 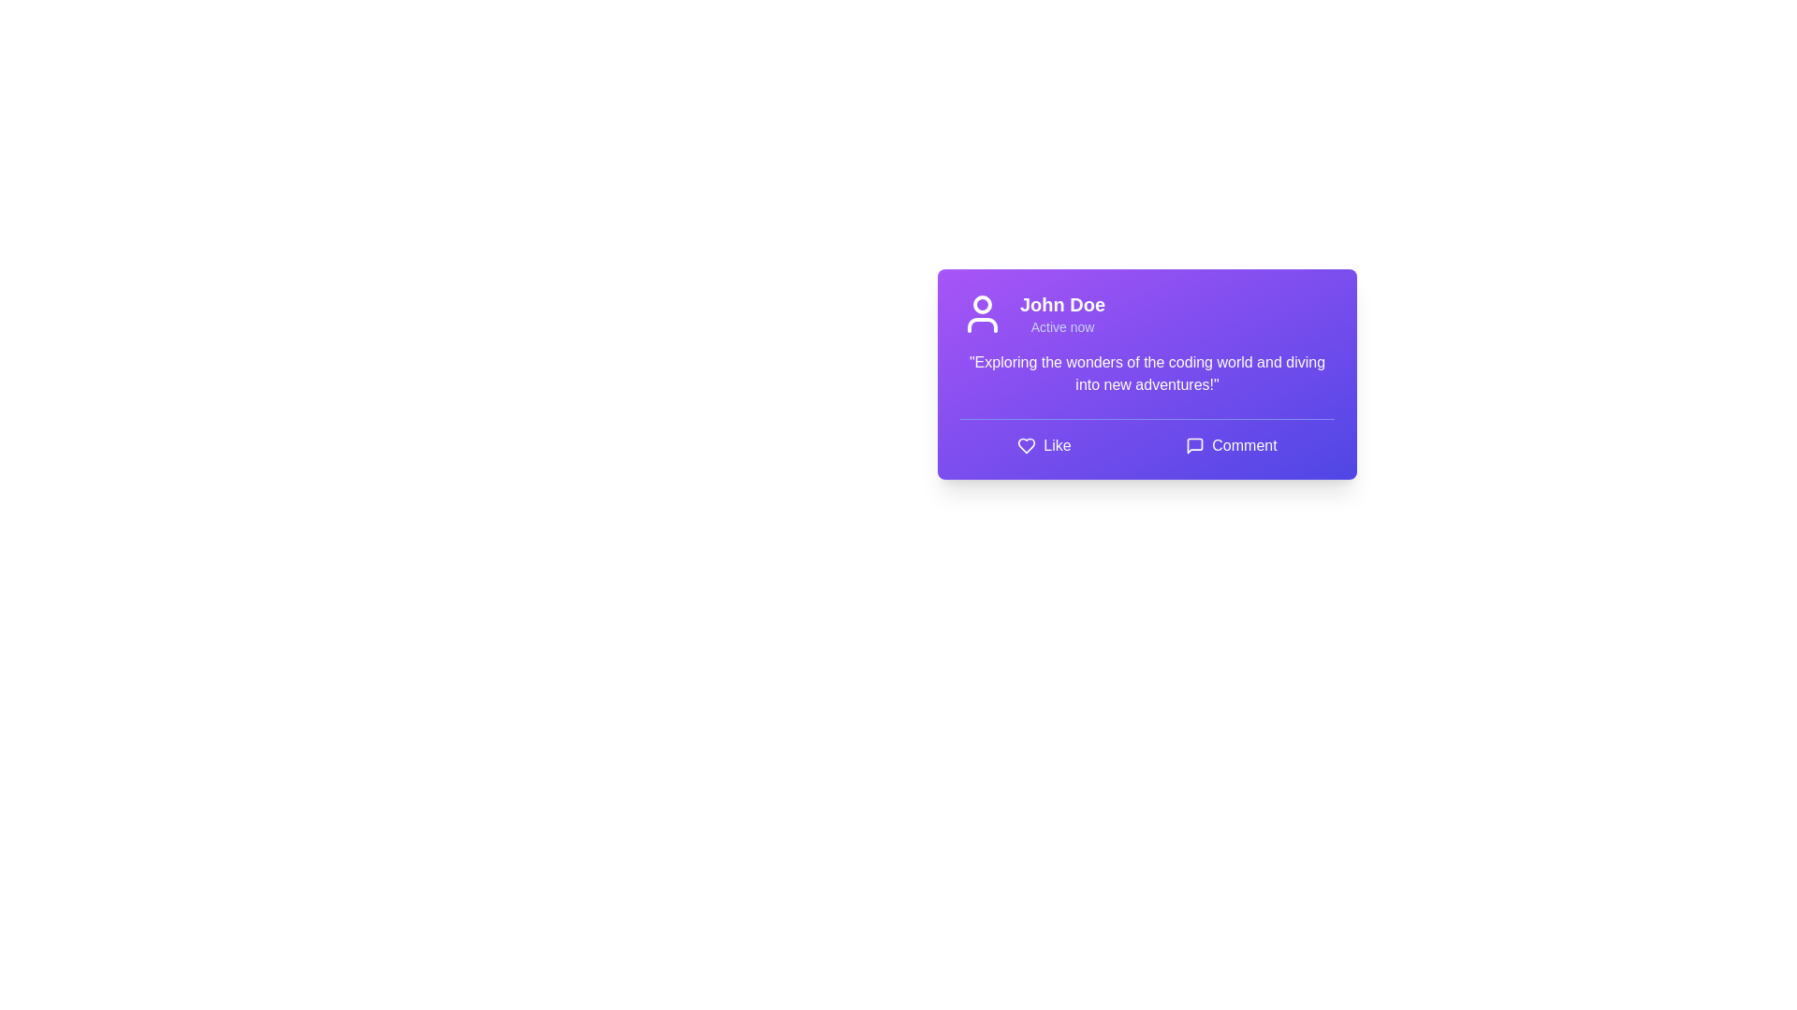 I want to click on the user icon representing a generic person, which is located at the top-left corner of a card layout, next to the text 'John Doe' and 'Active now', so click(x=982, y=312).